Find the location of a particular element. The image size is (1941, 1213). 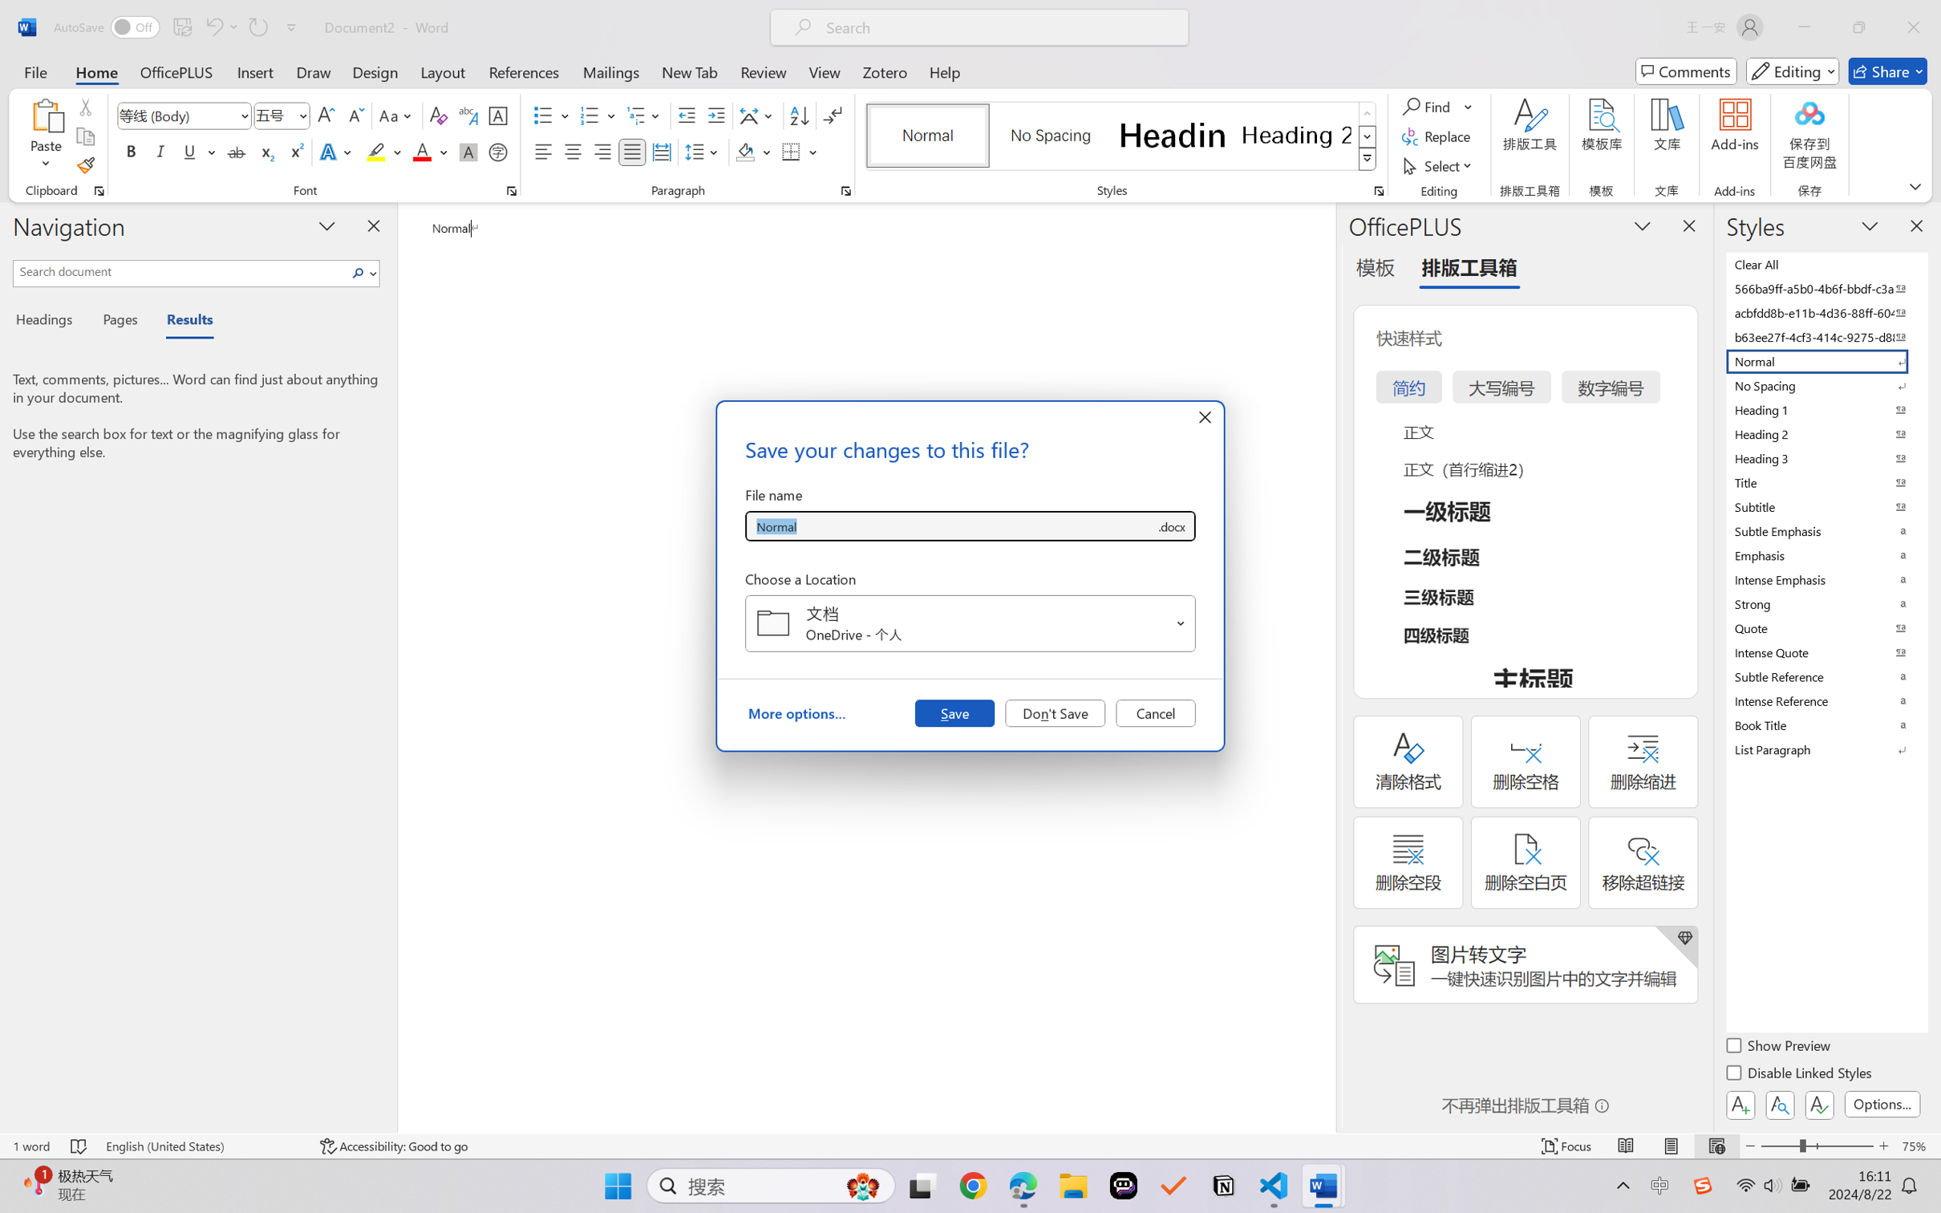

'Google Chrome' is located at coordinates (973, 1186).